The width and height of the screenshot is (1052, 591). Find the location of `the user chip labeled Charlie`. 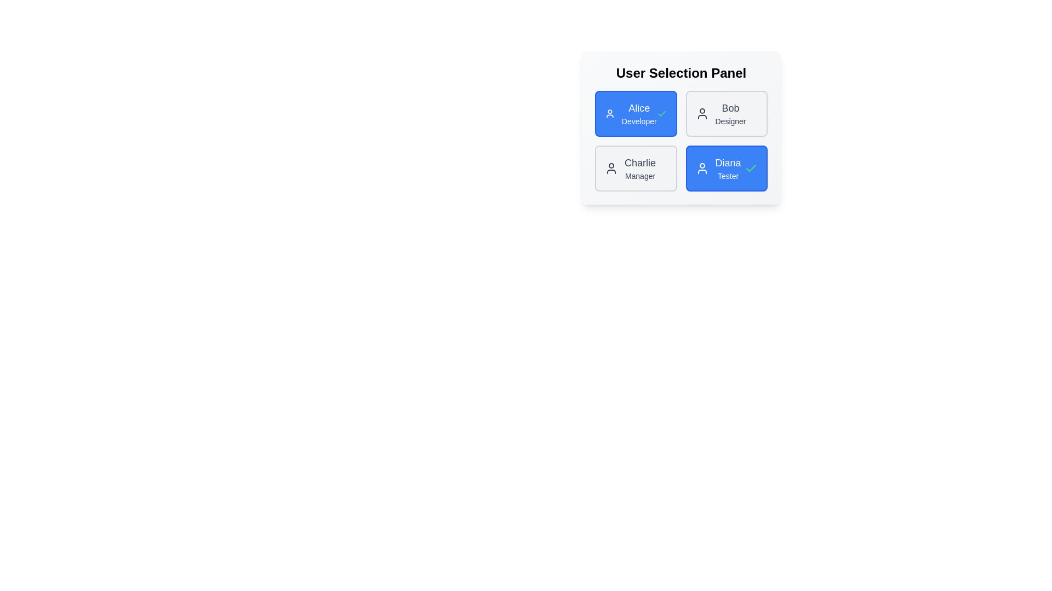

the user chip labeled Charlie is located at coordinates (636, 169).